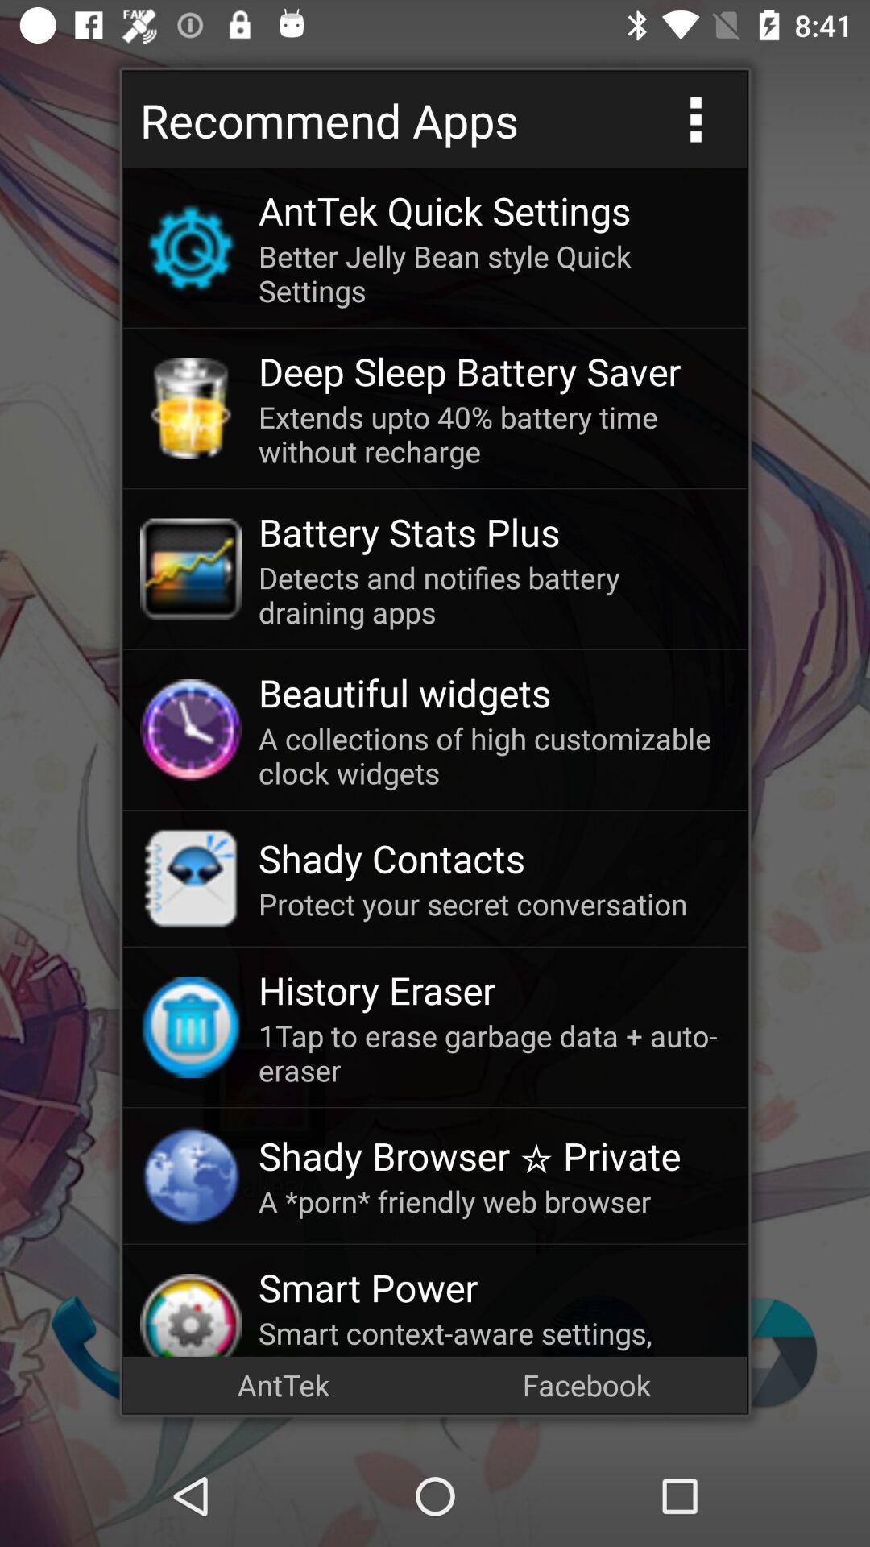 This screenshot has height=1547, width=870. I want to click on app below smart power app, so click(493, 1334).